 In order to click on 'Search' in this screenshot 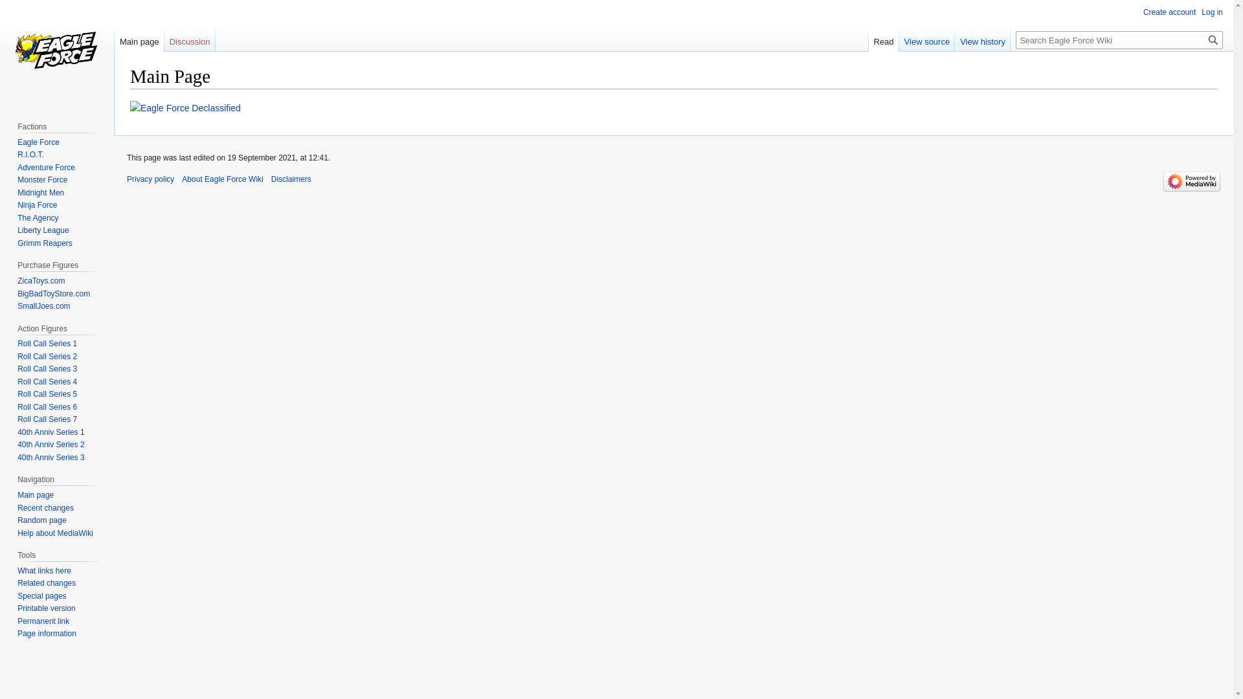, I will do `click(1212, 39)`.